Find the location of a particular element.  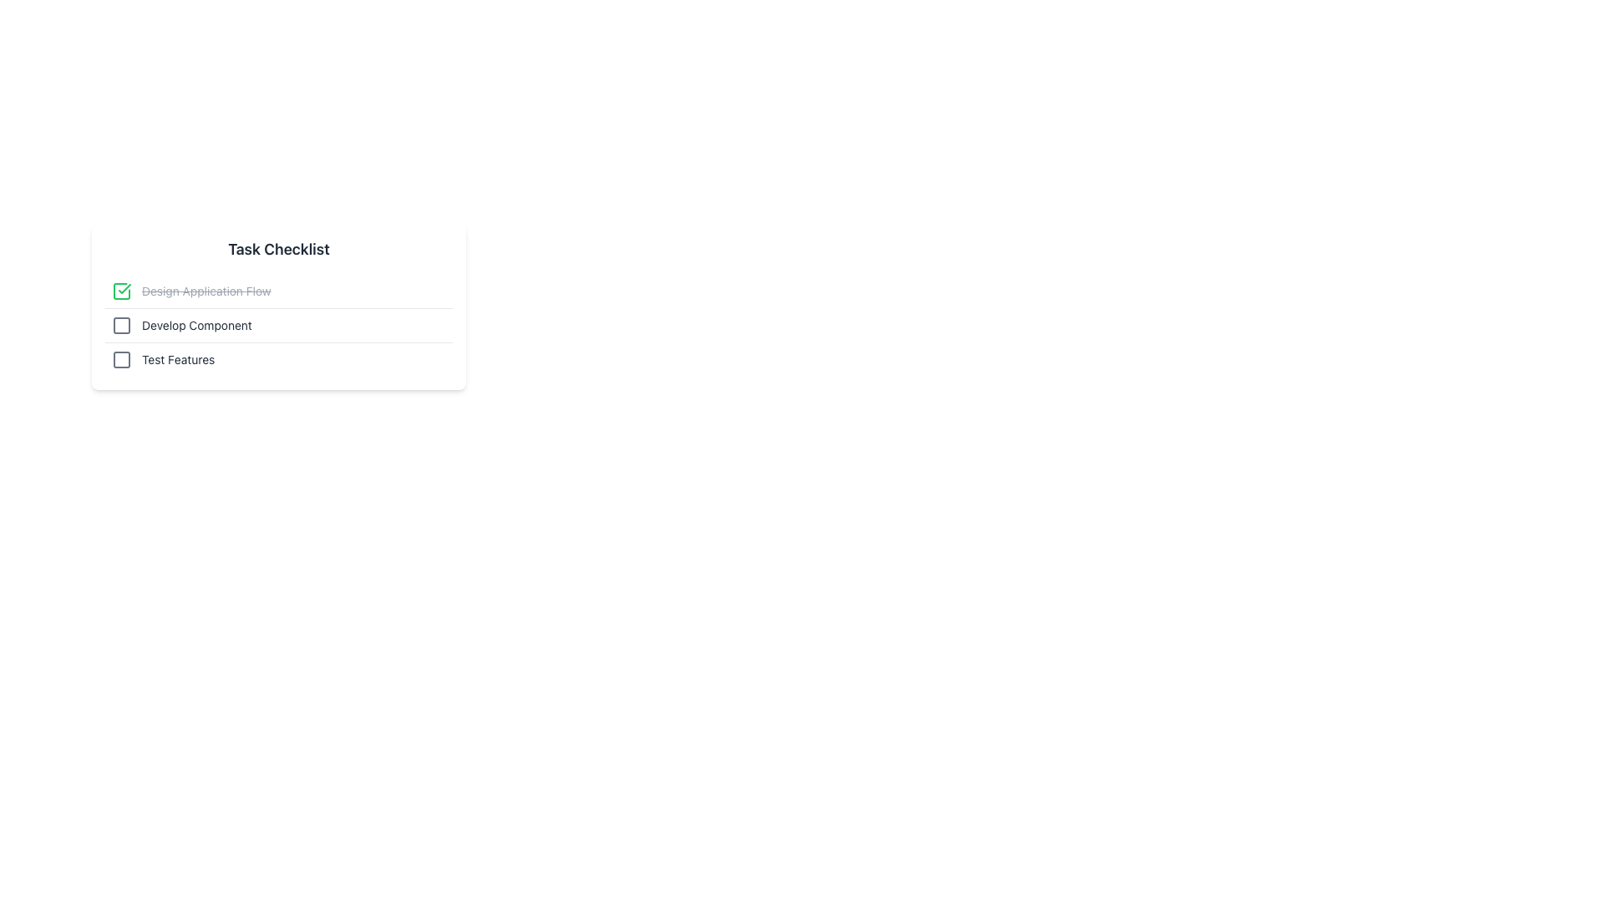

the checkbox with a visual checkmark that indicates the completion of the 'Design Application Flow' task for visual feedback is located at coordinates (120, 290).